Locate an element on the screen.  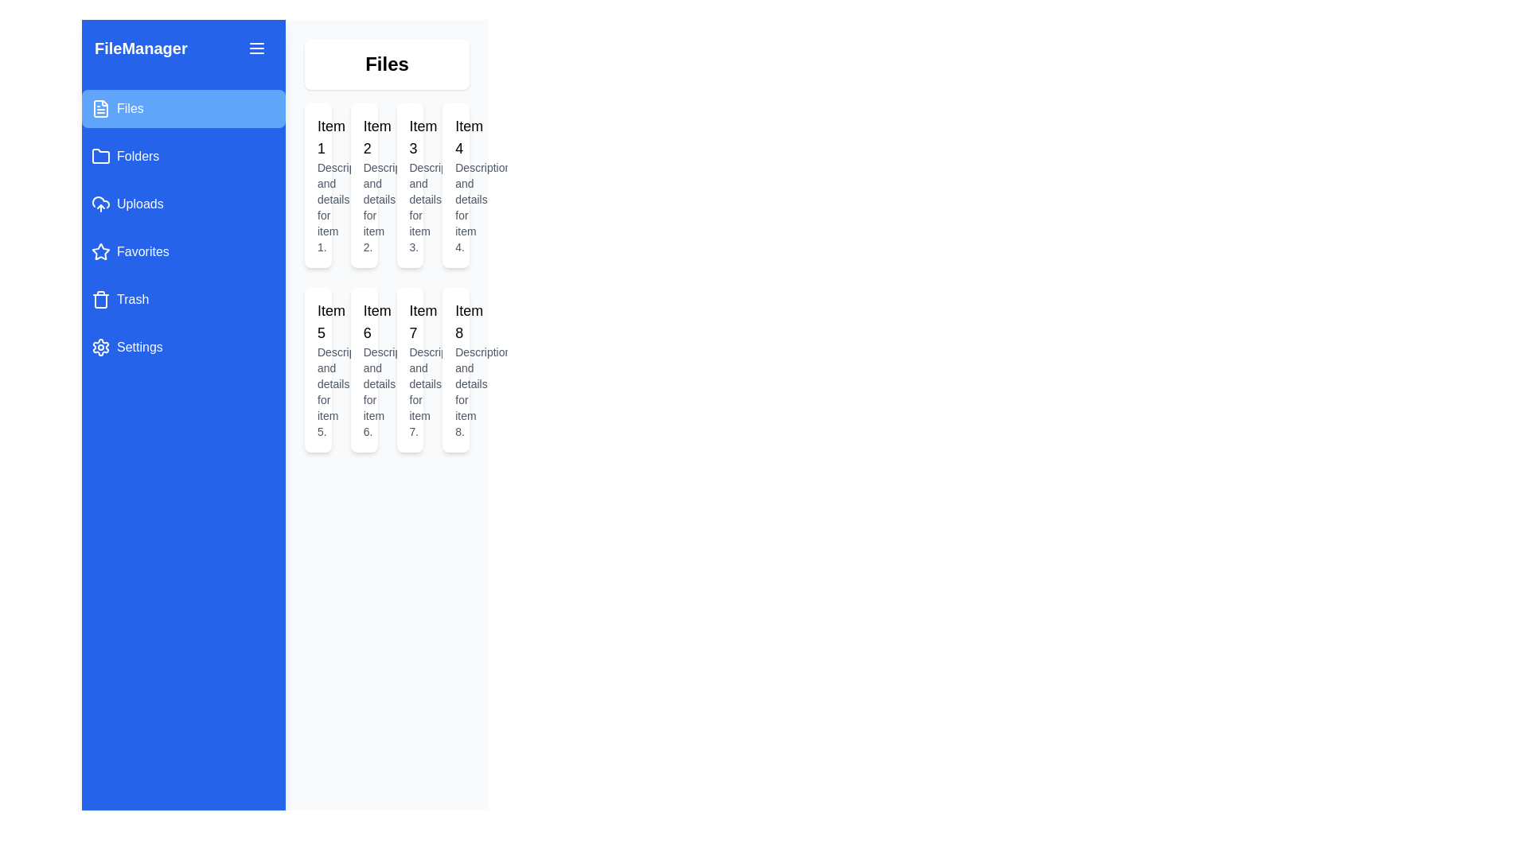
the 'Folders' text label within the interactive menu item, which is styled in bold white font on a blue background and positioned as the second item in the vertical navigation bar is located at coordinates (138, 156).